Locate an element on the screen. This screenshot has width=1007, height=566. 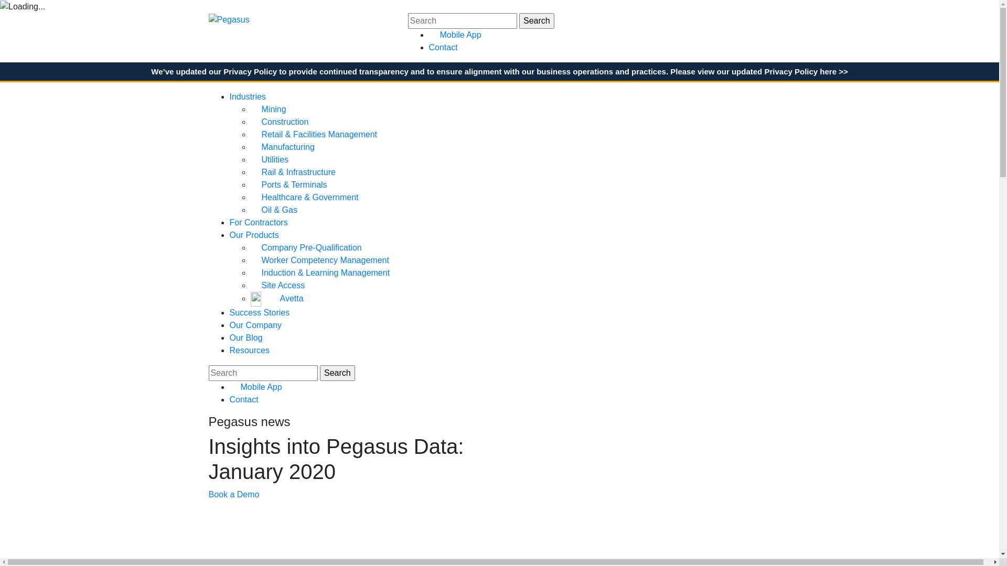
'Our Blog' is located at coordinates (245, 338).